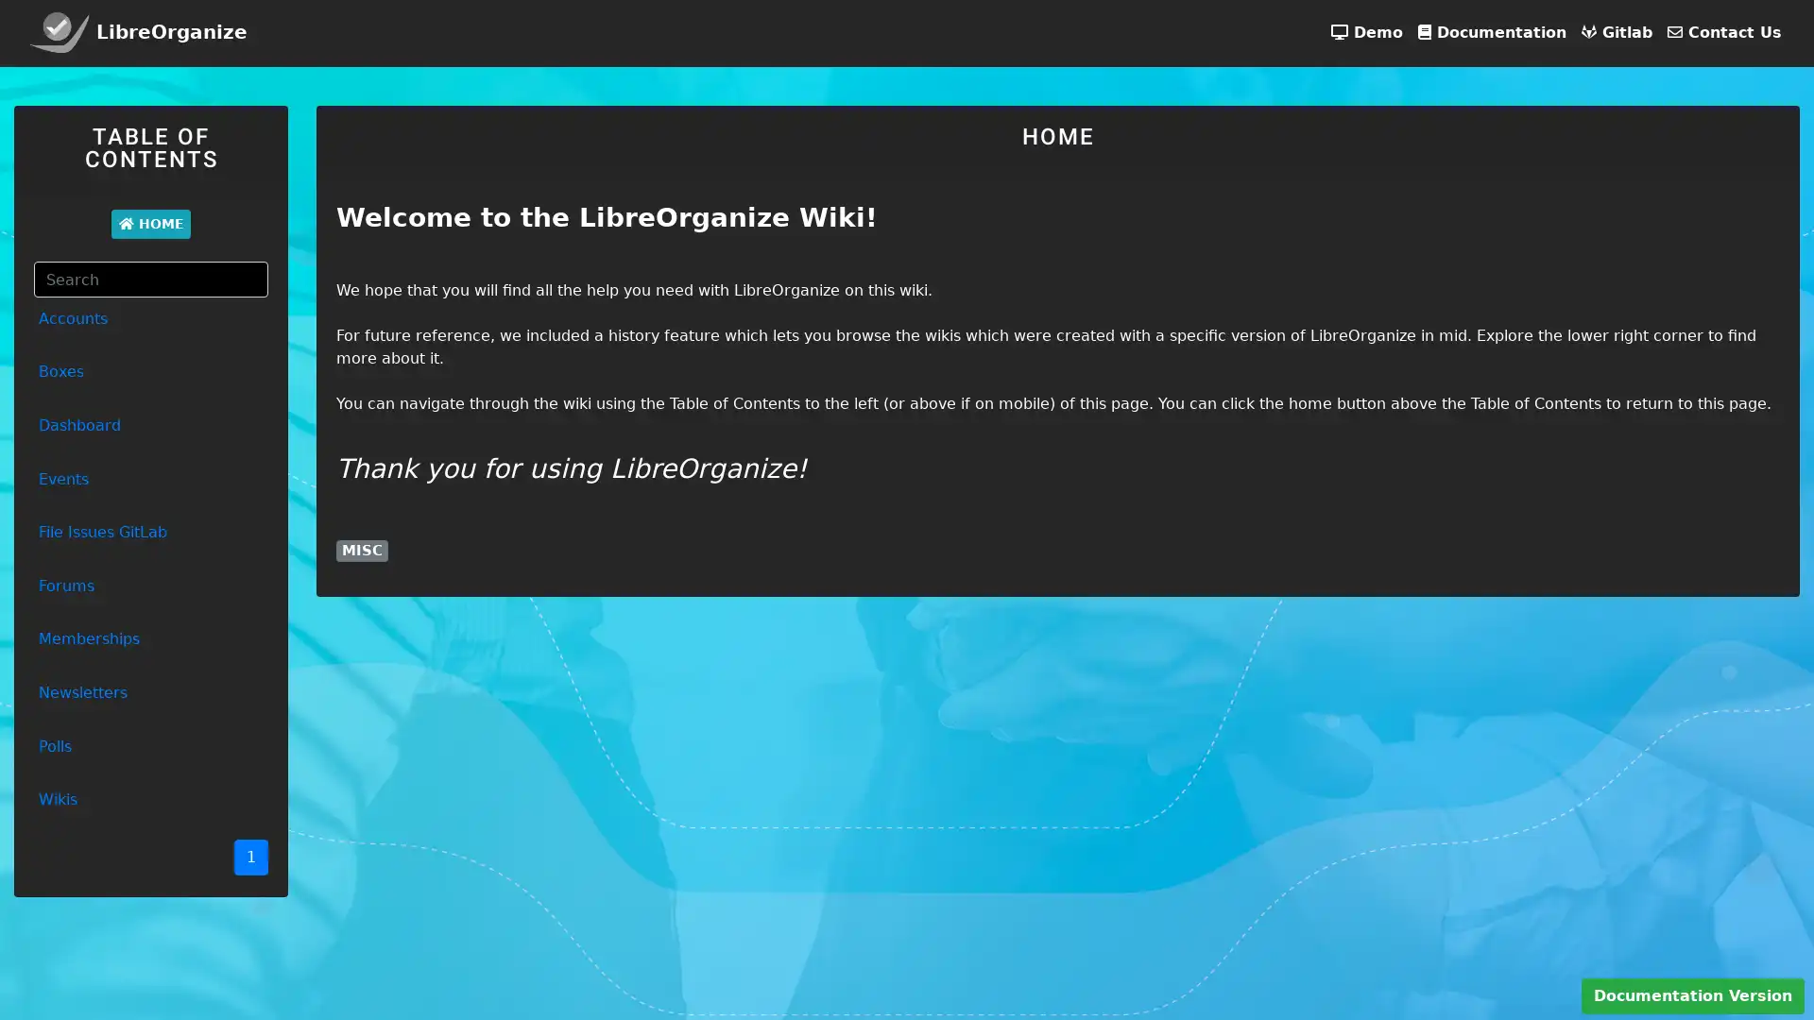 The width and height of the screenshot is (1814, 1020). What do you see at coordinates (1692, 995) in the screenshot?
I see `Documentation Version` at bounding box center [1692, 995].